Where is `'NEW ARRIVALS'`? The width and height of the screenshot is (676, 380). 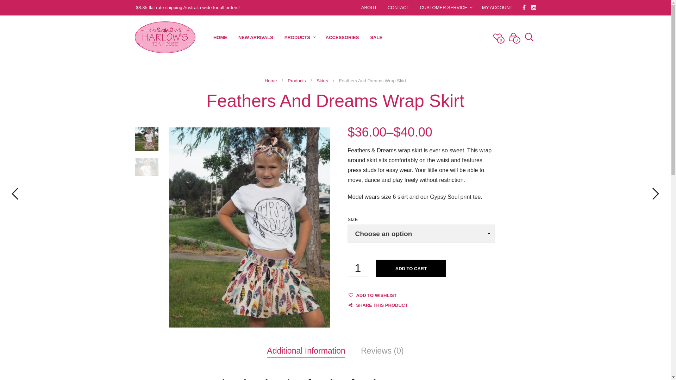
'NEW ARRIVALS' is located at coordinates (233, 37).